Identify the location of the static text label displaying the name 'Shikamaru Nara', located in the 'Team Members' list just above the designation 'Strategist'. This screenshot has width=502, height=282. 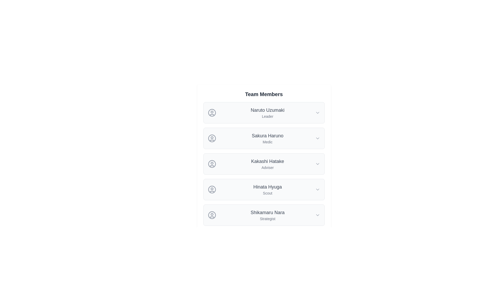
(267, 212).